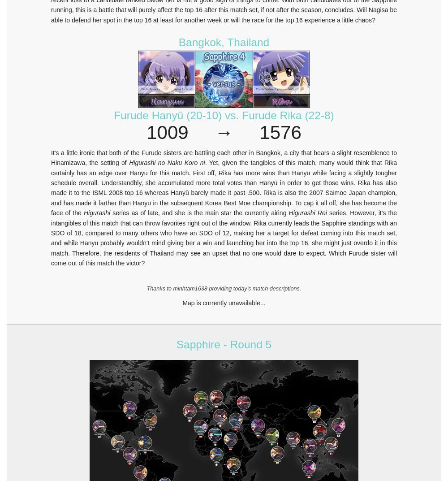 The image size is (448, 481). I want to click on 'It's a little ironic that both of the Furude sisters are battling each other in Bangkok, a city that bears a slight resemblence to Hinamizawa, the setting of', so click(224, 157).